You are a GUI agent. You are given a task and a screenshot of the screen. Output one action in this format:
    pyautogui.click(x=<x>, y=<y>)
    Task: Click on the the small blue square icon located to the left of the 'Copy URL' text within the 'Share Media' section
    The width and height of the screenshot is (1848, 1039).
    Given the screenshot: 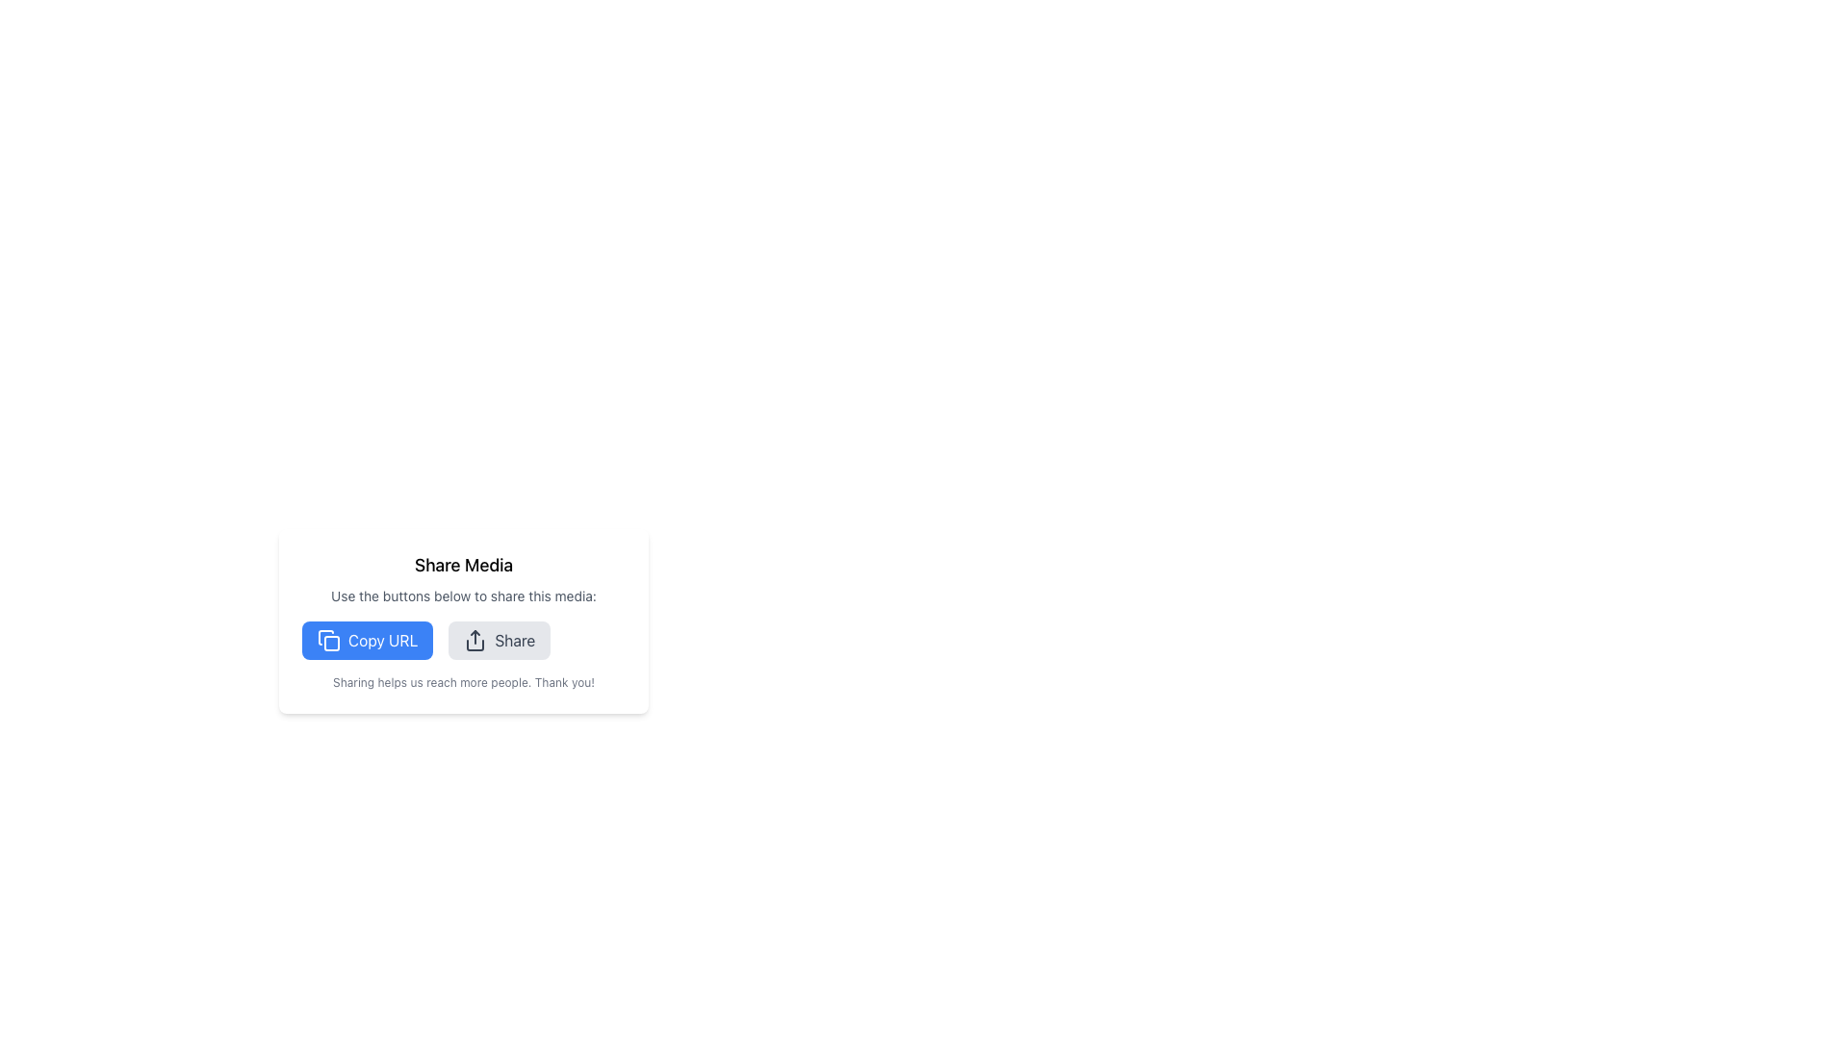 What is the action you would take?
    pyautogui.click(x=332, y=643)
    